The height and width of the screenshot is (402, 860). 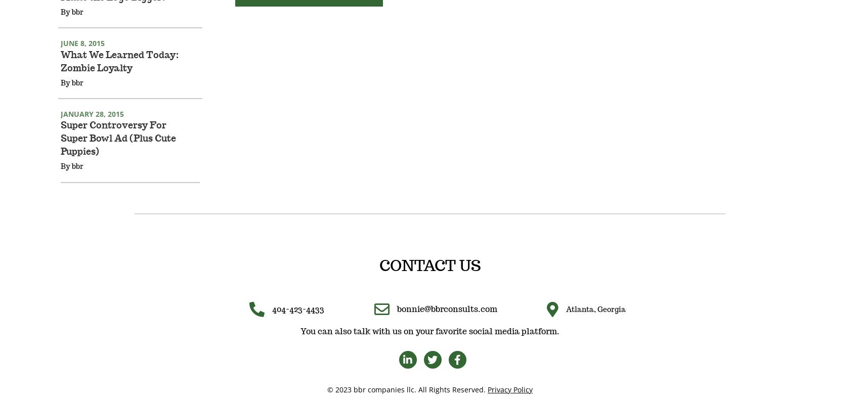 I want to click on 'January 28, 2015', so click(x=92, y=127).